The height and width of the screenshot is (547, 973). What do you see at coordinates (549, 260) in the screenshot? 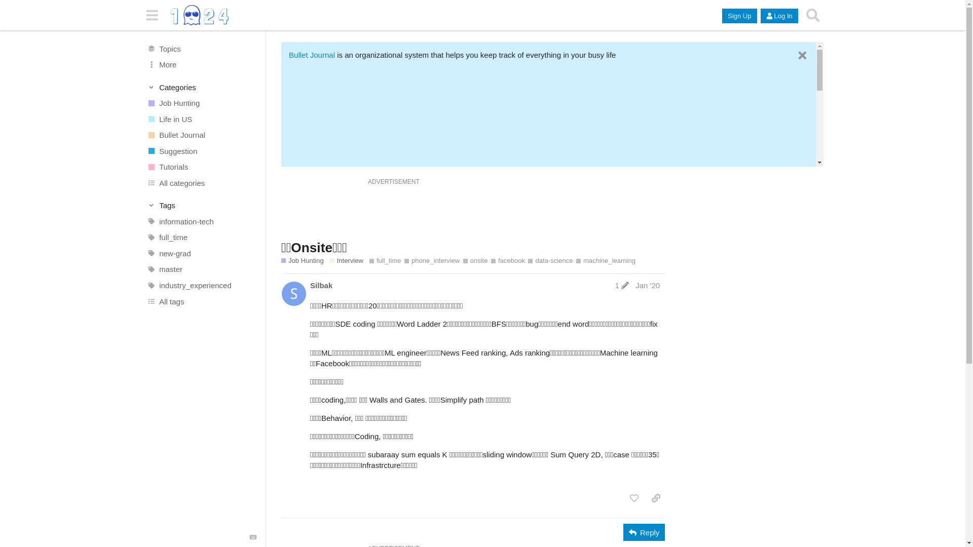
I see `'data-science'` at bounding box center [549, 260].